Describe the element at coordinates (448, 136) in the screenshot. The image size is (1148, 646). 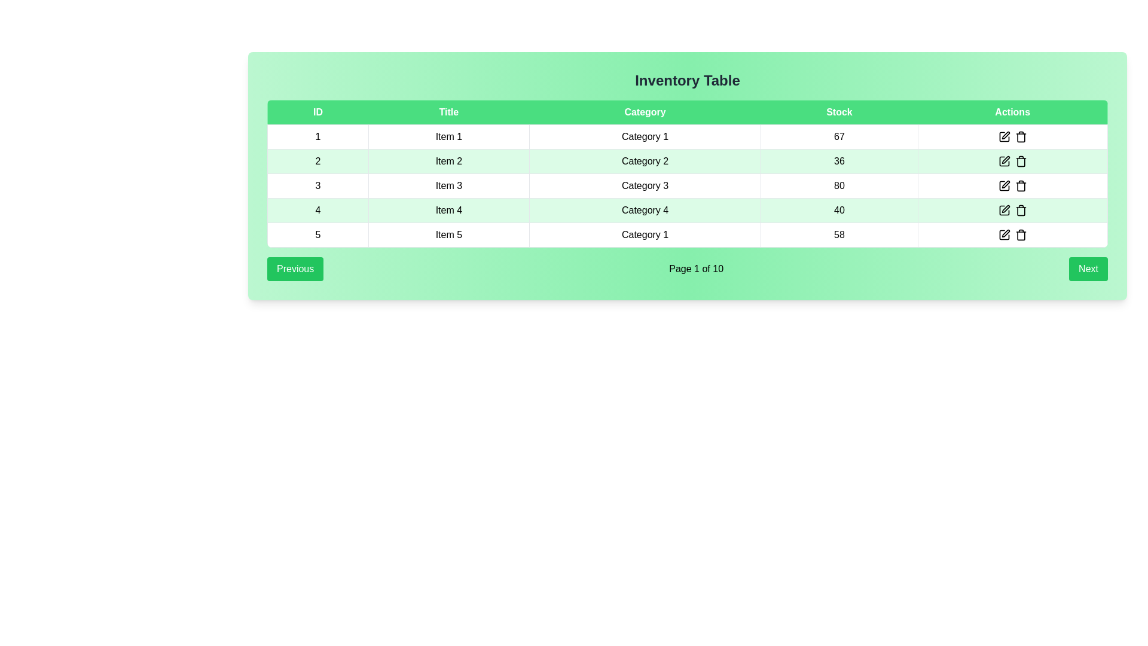
I see `the table cell that displays the title of the first item, located in the second column of the first row, between the cells containing '1' and 'Category 1'` at that location.